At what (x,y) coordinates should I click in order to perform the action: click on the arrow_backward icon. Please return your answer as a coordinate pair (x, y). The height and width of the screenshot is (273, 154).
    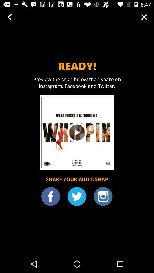
    Looking at the image, I should click on (9, 17).